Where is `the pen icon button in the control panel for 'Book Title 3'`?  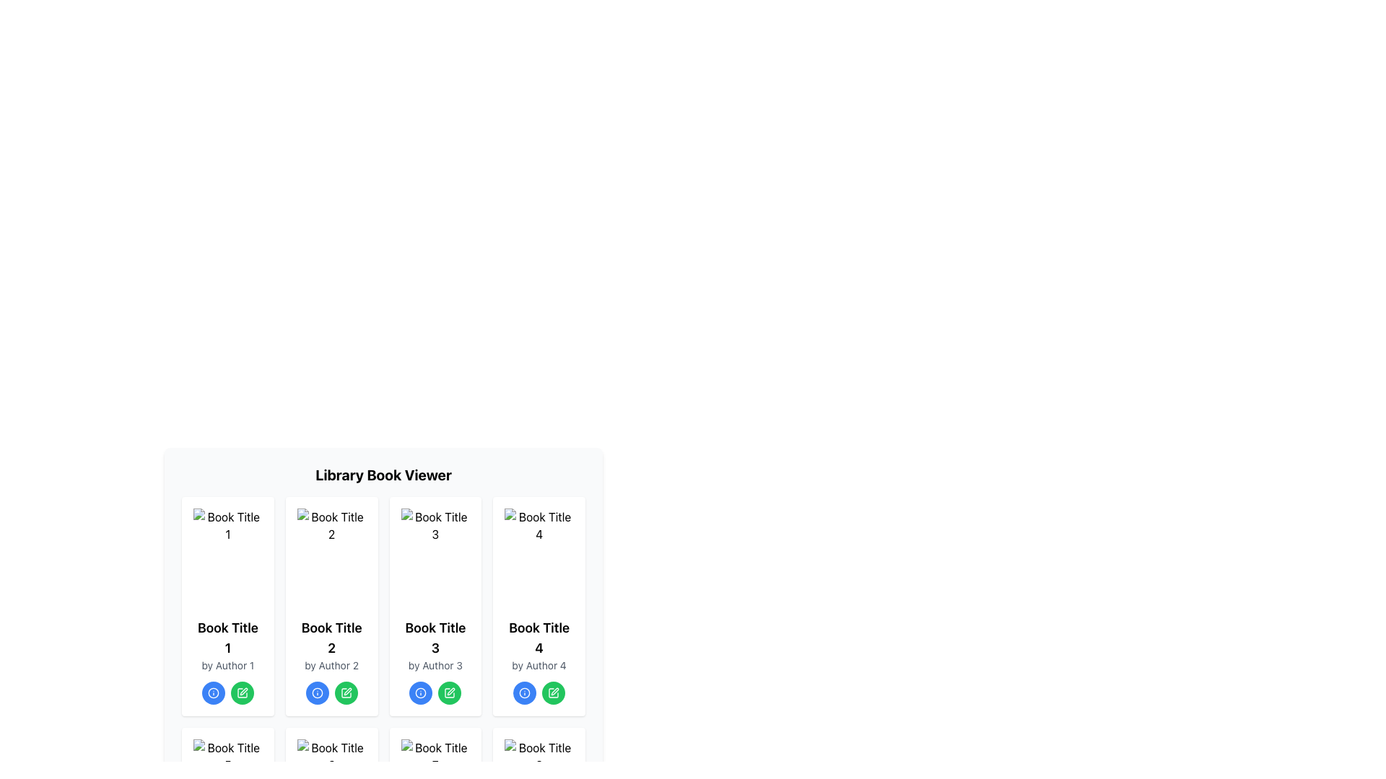
the pen icon button in the control panel for 'Book Title 3' is located at coordinates (449, 692).